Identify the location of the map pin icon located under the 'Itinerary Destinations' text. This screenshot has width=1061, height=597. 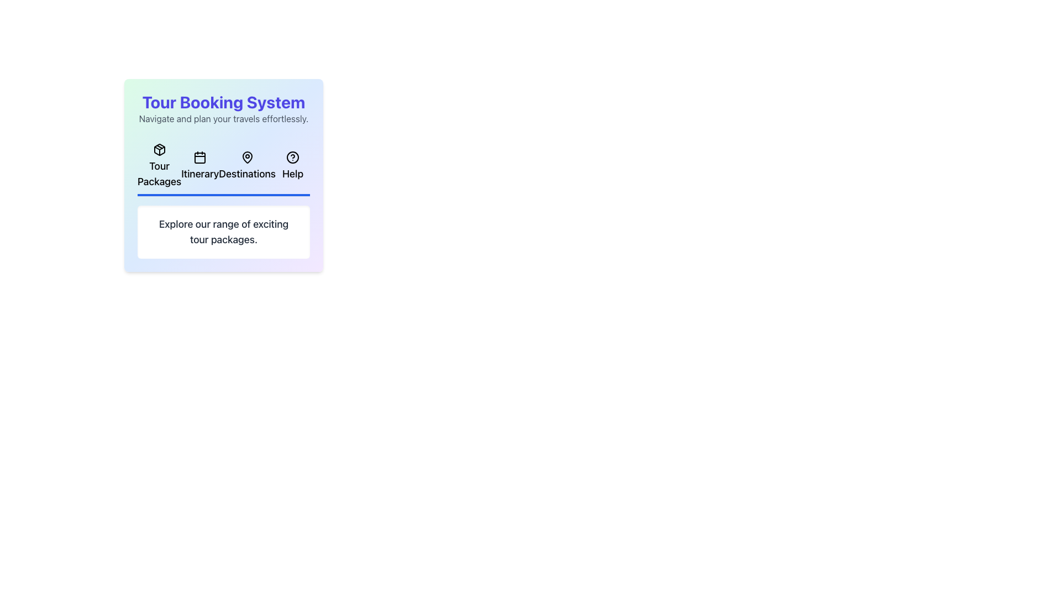
(246, 158).